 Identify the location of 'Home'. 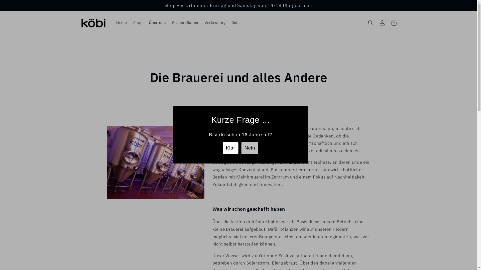
(121, 23).